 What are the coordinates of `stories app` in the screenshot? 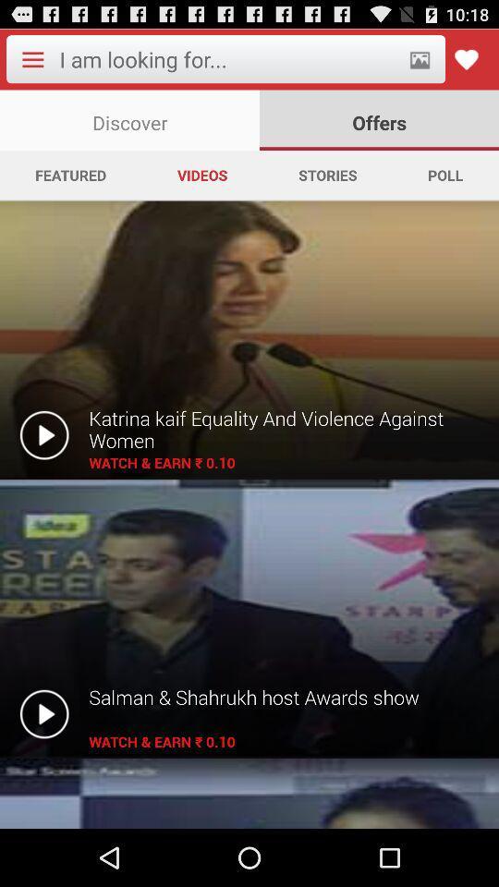 It's located at (326, 175).